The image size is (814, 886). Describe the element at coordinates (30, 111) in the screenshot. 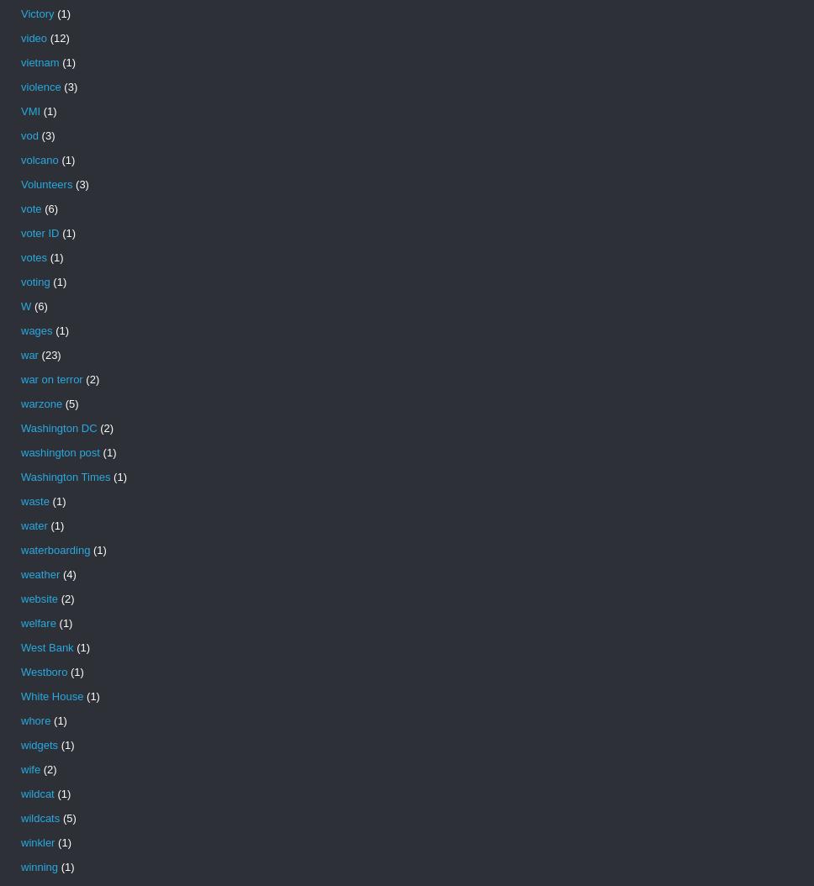

I see `'VMI'` at that location.